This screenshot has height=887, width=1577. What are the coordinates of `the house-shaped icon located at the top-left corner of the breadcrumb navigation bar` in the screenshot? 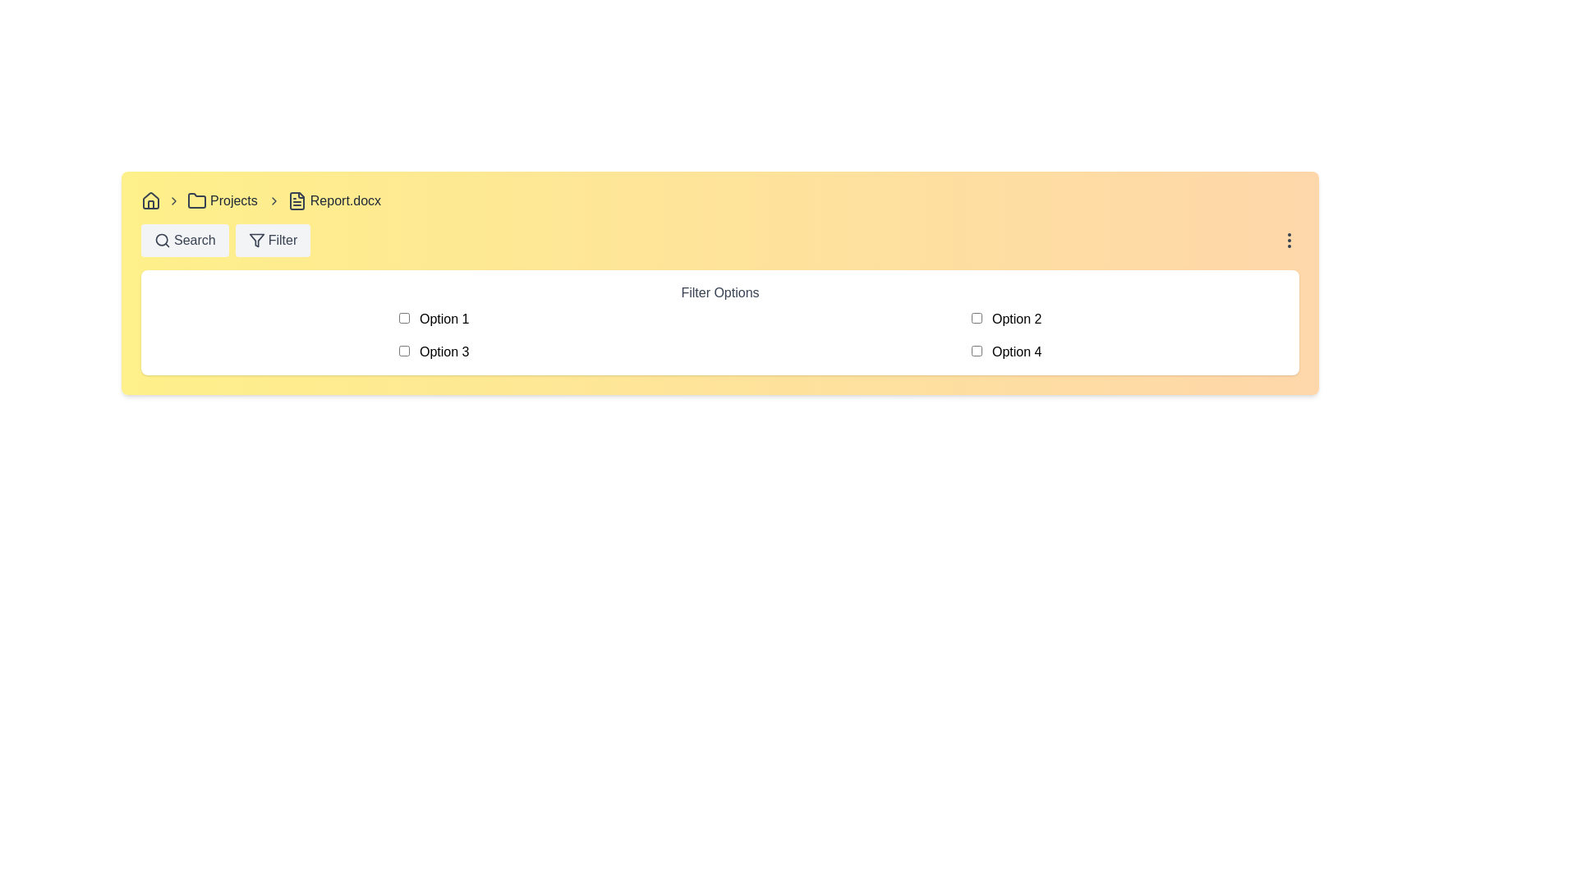 It's located at (150, 200).